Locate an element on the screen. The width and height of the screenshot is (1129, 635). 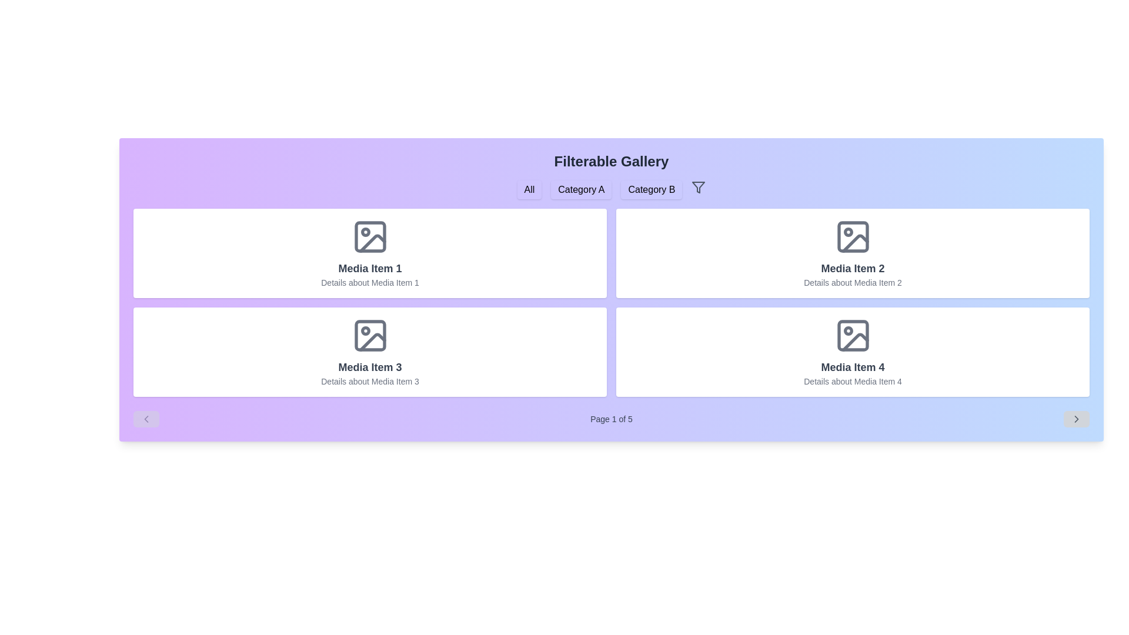
the icon element that serves as a visual indicator within the card labeled 'Media Item 2', located in the top-right of the grid interface is located at coordinates (848, 232).